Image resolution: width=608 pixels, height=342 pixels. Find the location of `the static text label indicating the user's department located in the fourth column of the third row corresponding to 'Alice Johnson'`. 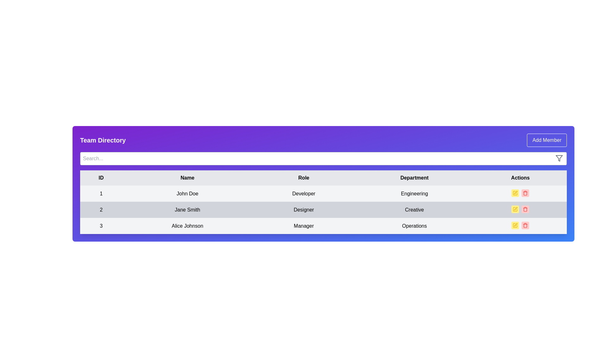

the static text label indicating the user's department located in the fourth column of the third row corresponding to 'Alice Johnson' is located at coordinates (414, 225).